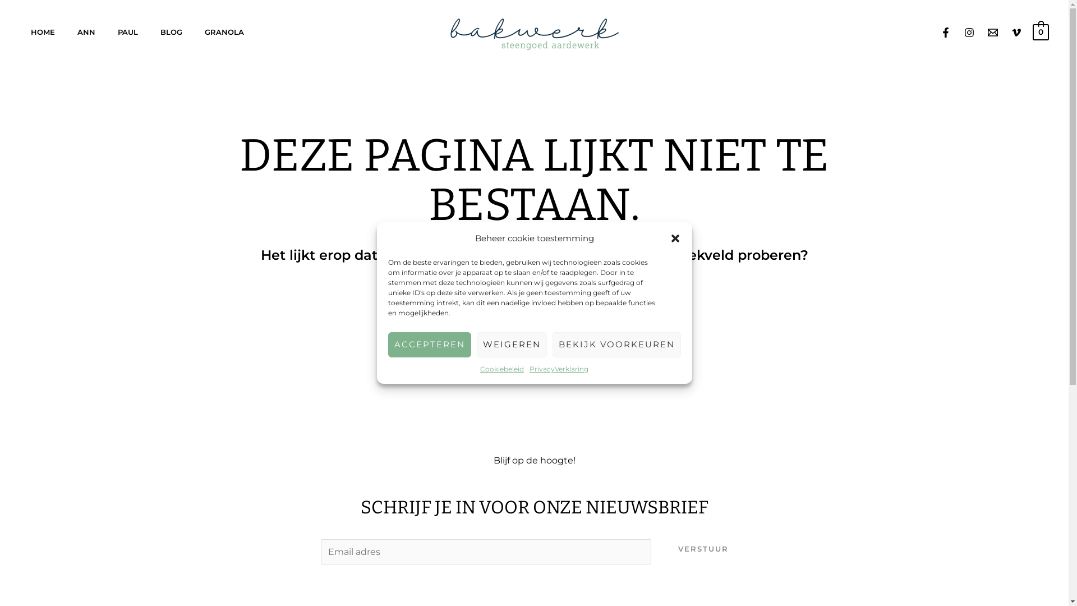  What do you see at coordinates (171, 31) in the screenshot?
I see `'BLOG'` at bounding box center [171, 31].